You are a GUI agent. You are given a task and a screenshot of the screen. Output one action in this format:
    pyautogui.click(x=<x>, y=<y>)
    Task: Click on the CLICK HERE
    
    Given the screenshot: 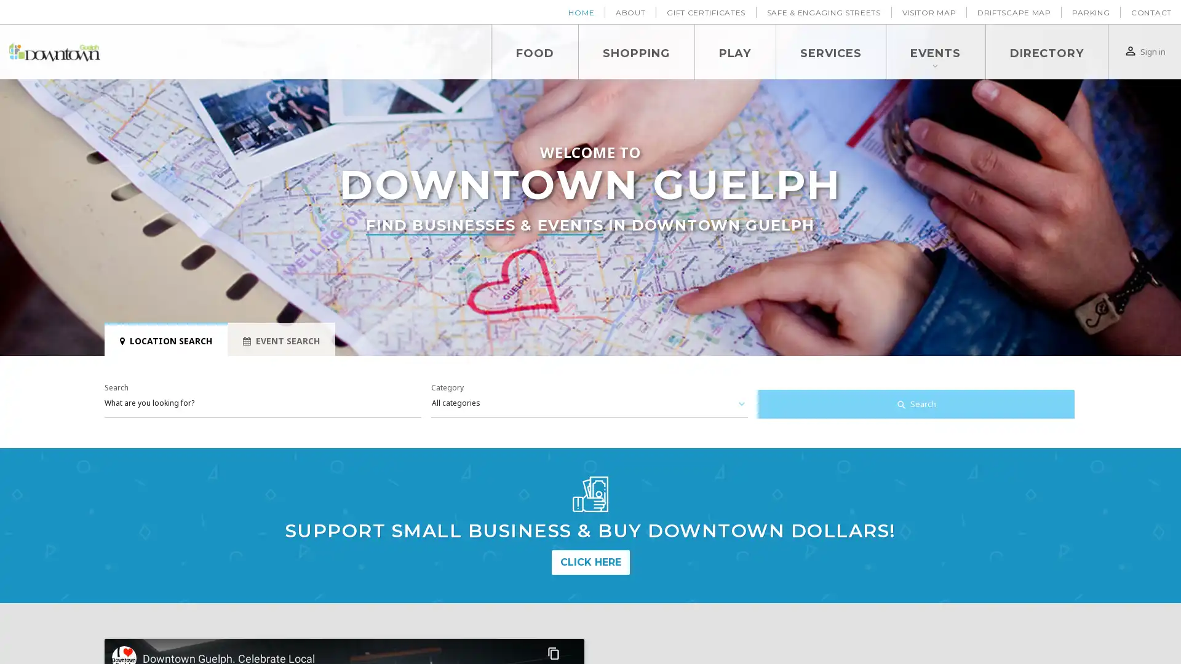 What is the action you would take?
    pyautogui.click(x=589, y=562)
    